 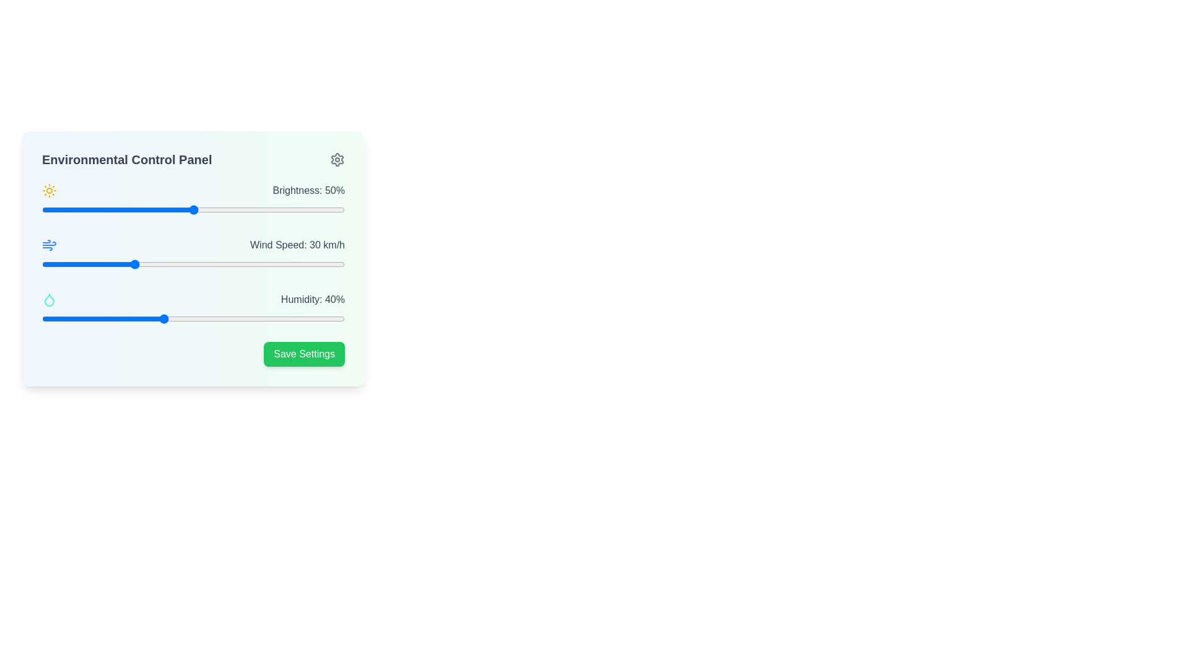 I want to click on the wind speed, so click(x=150, y=264).